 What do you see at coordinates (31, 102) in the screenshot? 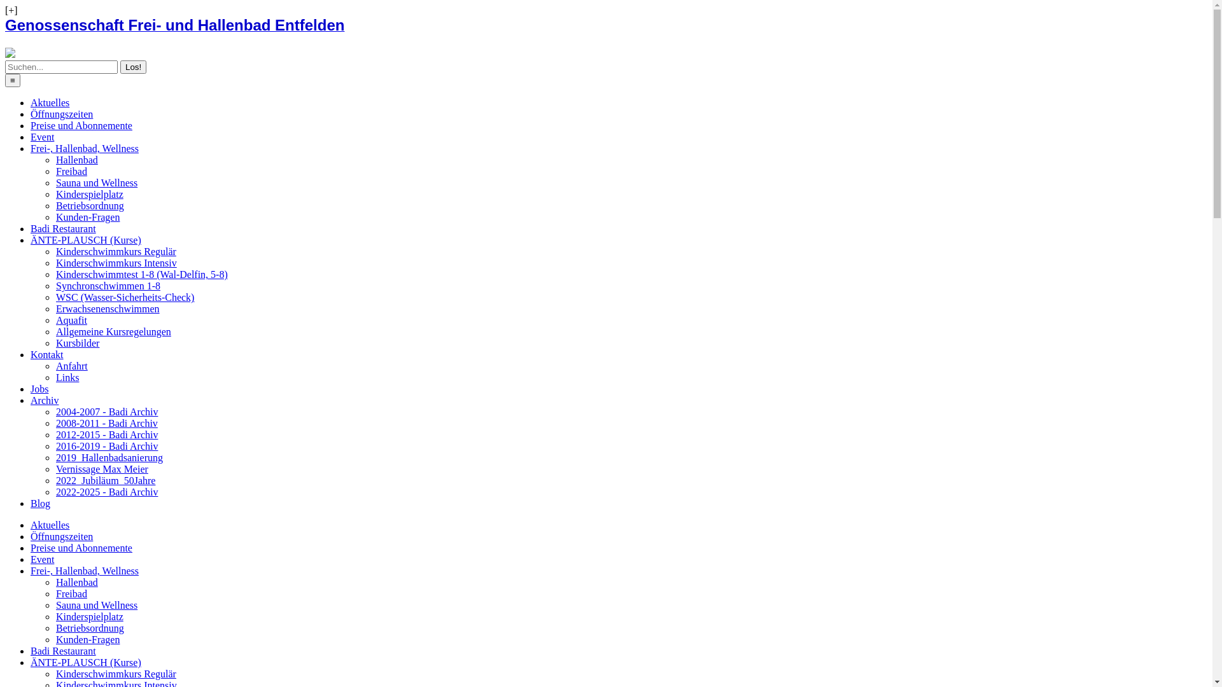
I see `'Aktuelles'` at bounding box center [31, 102].